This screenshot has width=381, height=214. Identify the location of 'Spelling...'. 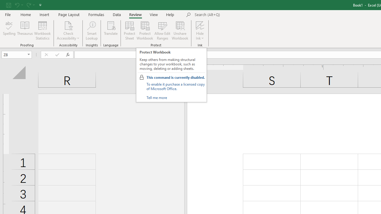
(9, 31).